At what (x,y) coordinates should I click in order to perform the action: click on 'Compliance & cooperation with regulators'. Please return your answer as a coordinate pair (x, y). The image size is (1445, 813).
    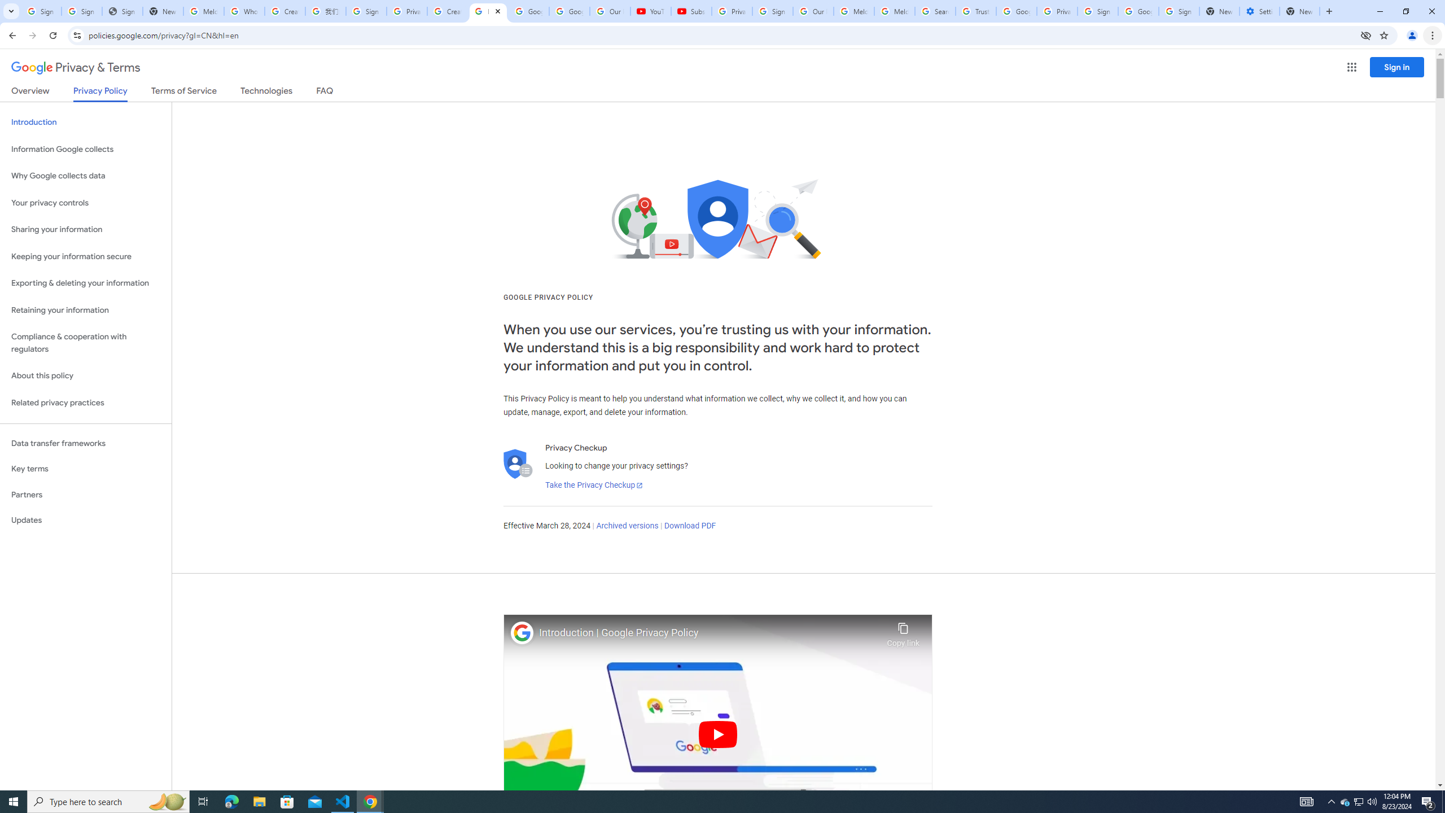
    Looking at the image, I should click on (85, 343).